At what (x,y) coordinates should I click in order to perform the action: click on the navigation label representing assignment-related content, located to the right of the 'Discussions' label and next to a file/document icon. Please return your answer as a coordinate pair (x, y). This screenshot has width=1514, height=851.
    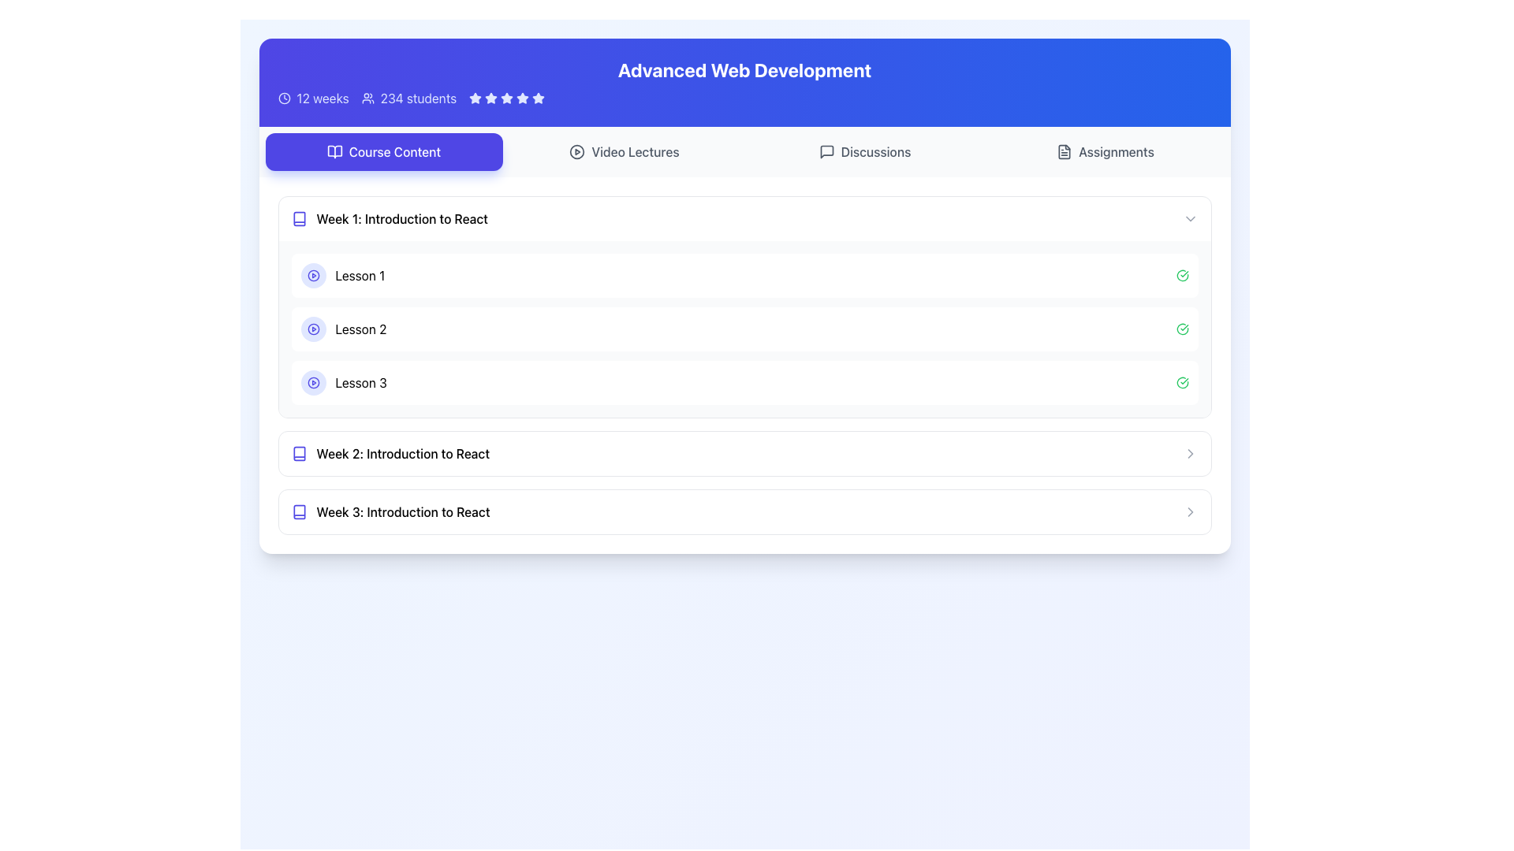
    Looking at the image, I should click on (1116, 151).